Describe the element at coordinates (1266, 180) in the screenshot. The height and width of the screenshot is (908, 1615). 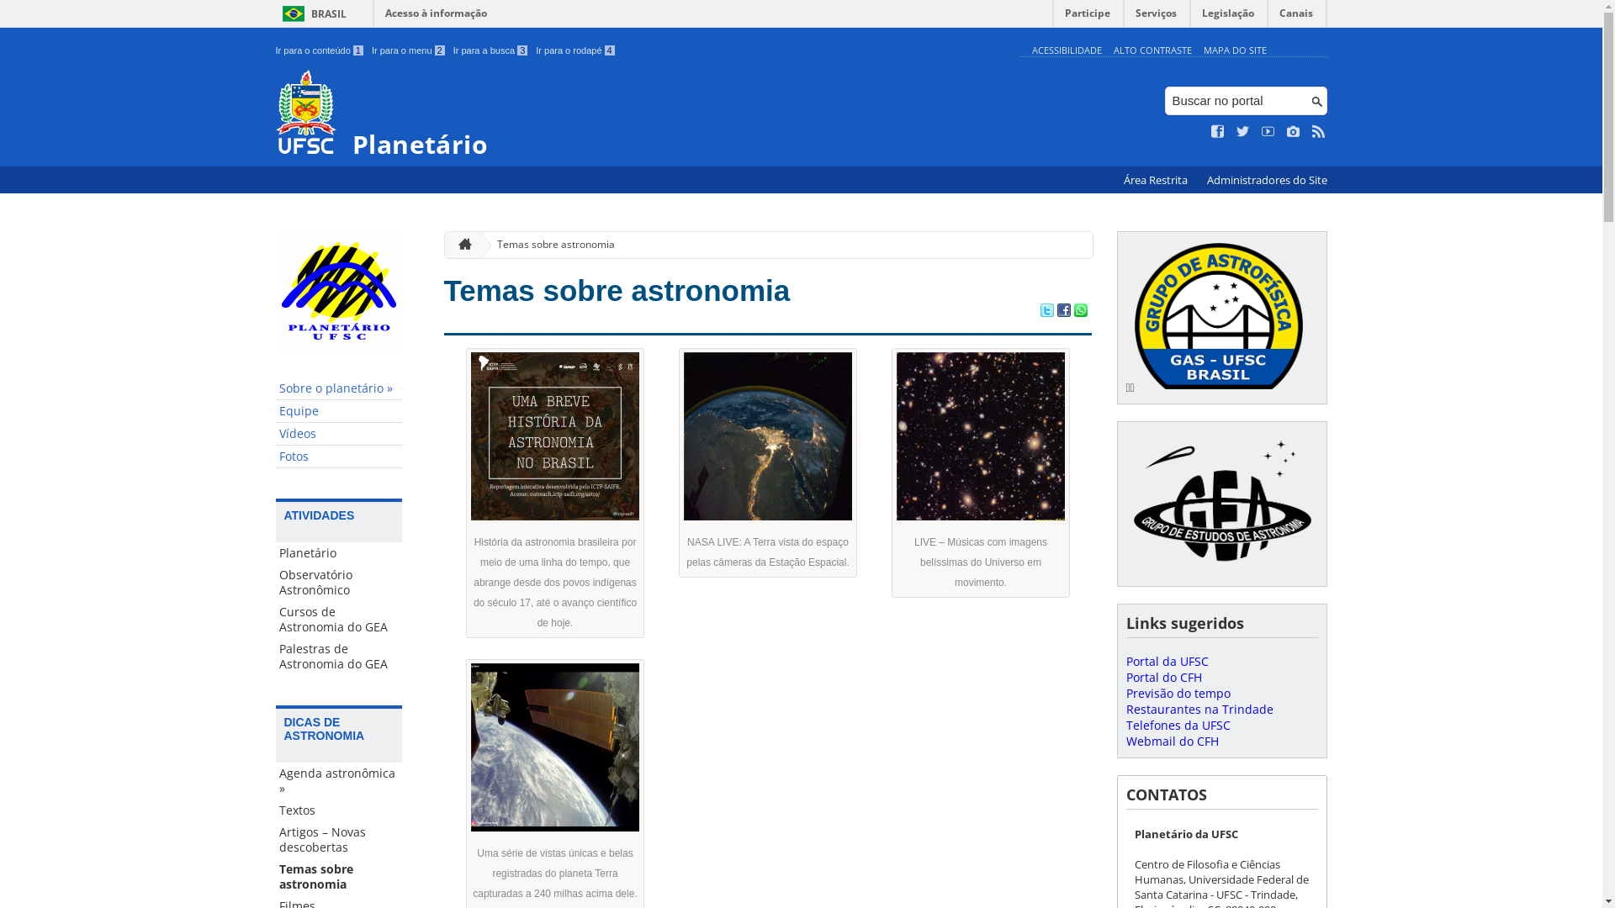
I see `'Administradores do Site'` at that location.